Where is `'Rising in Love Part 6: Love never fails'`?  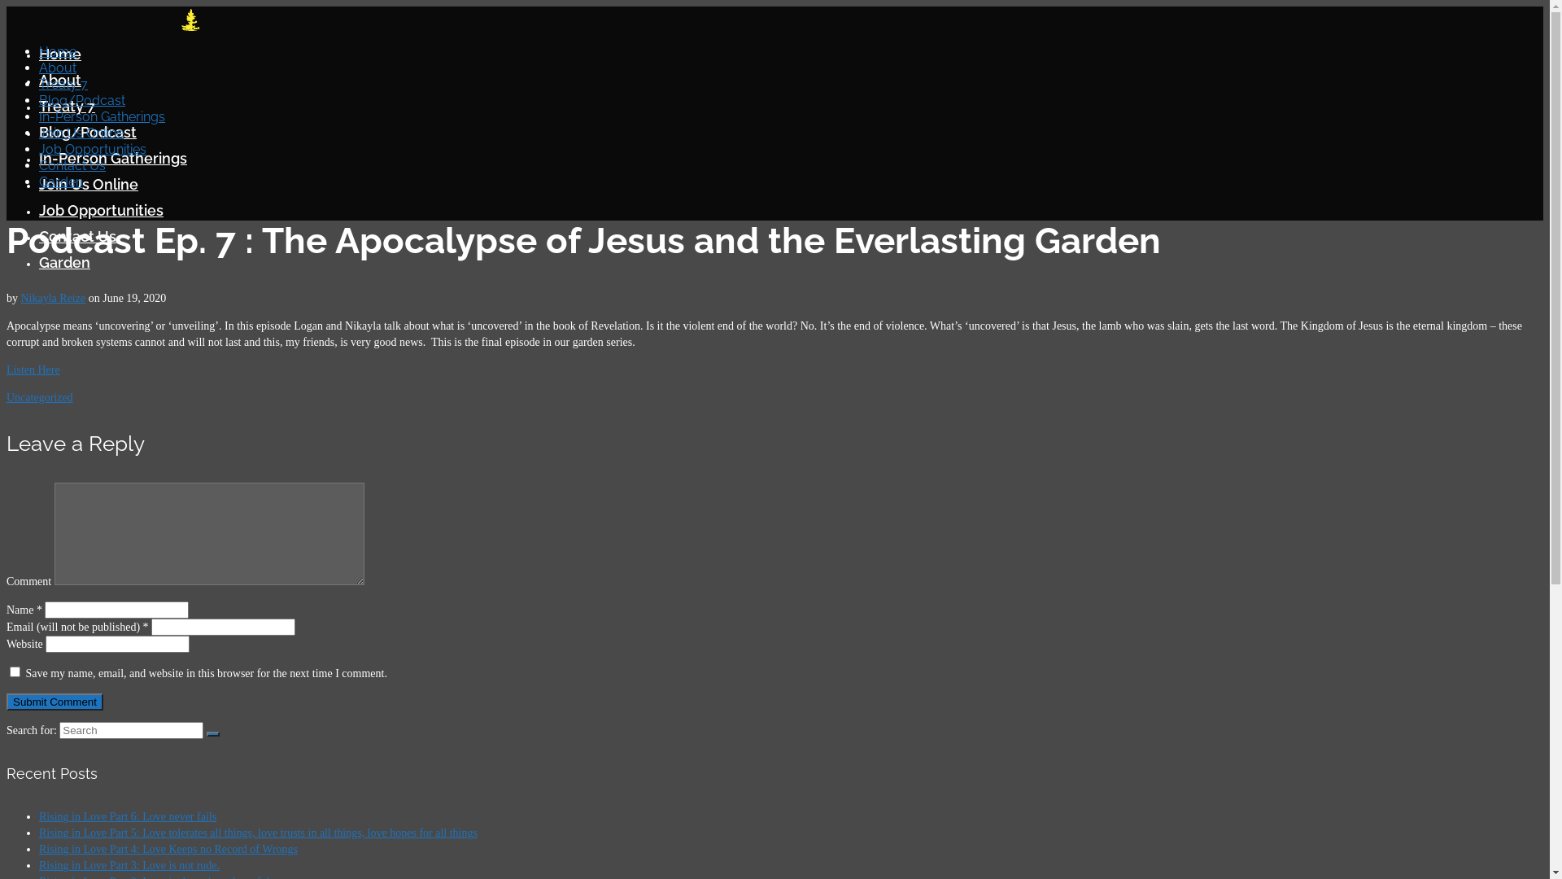 'Rising in Love Part 6: Love never fails' is located at coordinates (127, 816).